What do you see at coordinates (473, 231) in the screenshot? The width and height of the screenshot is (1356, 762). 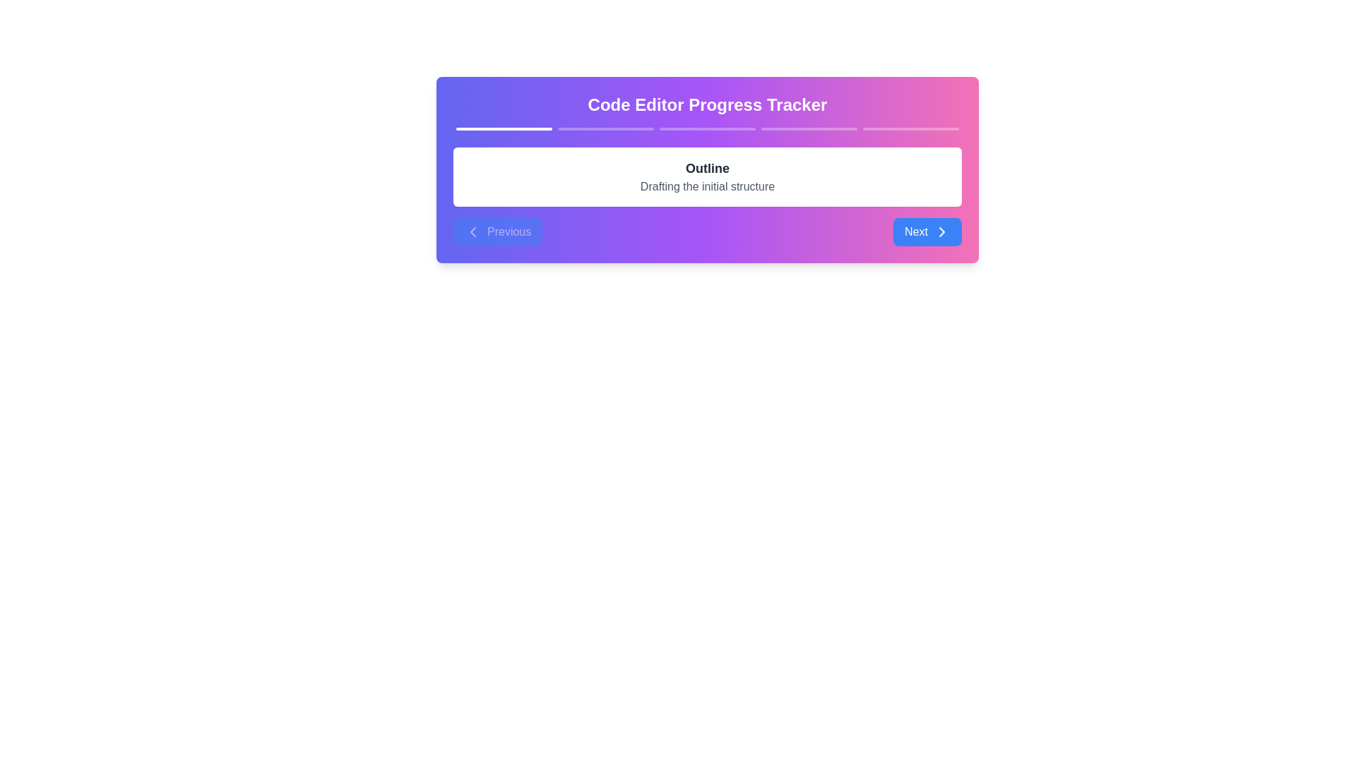 I see `the 'Previous' button by clicking on the icon located to the left of the label text, which serves as a visual aid for navigation to the previous step` at bounding box center [473, 231].